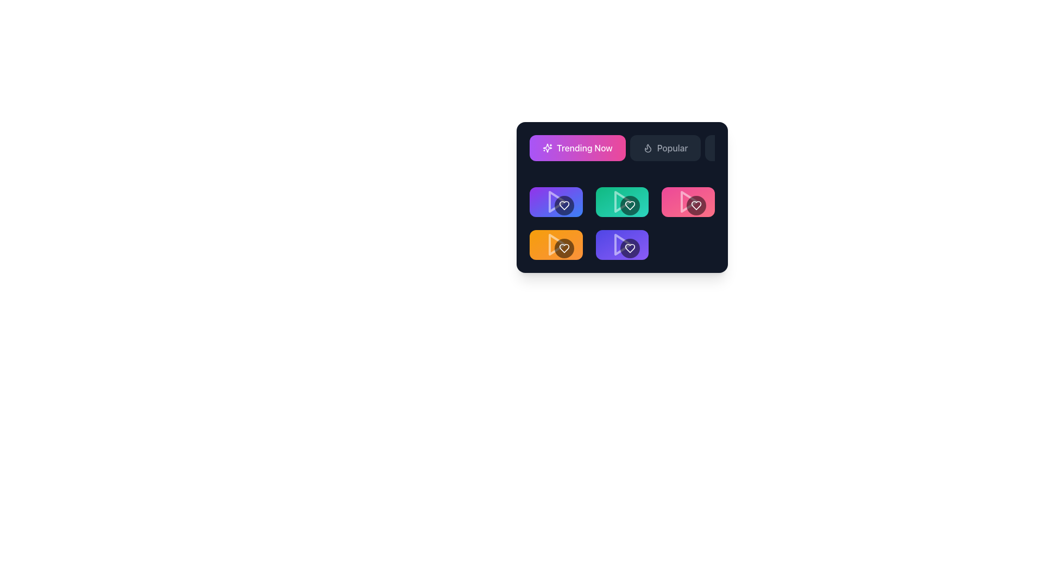  Describe the element at coordinates (557, 245) in the screenshot. I see `the triangular play icon, which is rendered in SVG format, filled with white, and located on a vibrant orange rectangular button in the bottom left grid item of a 2x3 grid layout within a dark-themed interface` at that location.